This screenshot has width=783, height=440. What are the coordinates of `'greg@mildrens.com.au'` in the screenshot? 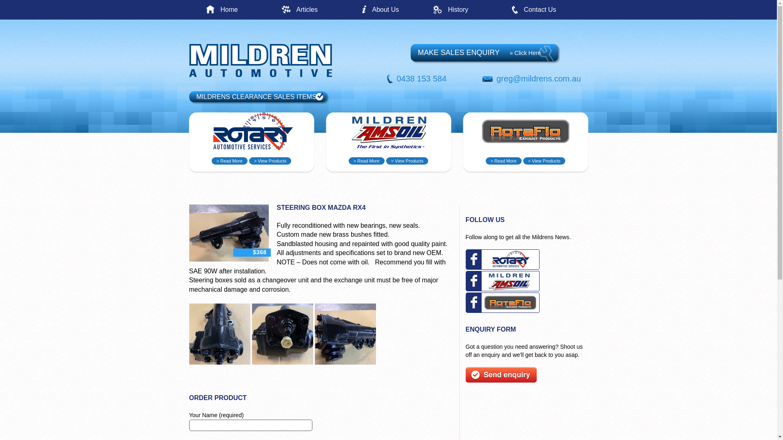 It's located at (539, 78).